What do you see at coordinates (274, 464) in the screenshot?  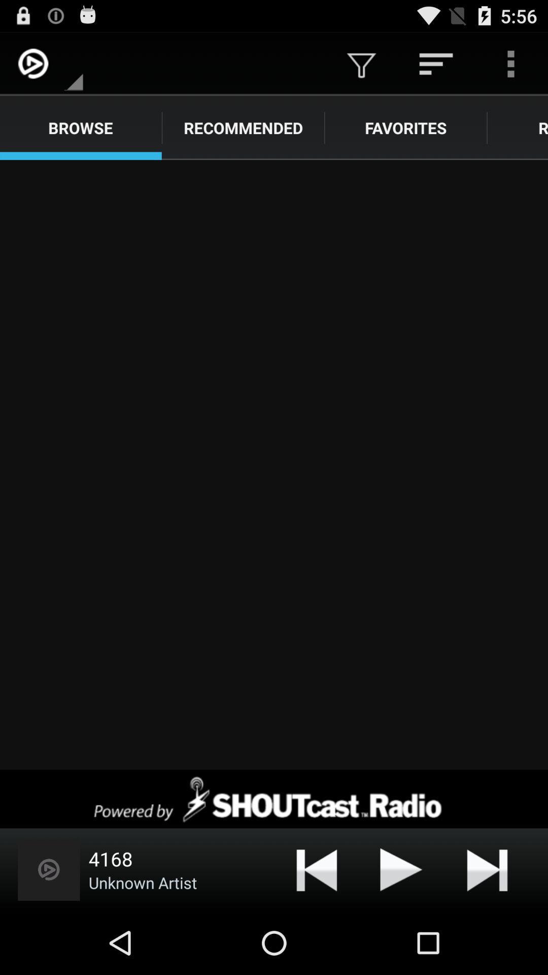 I see `the icon below the browse item` at bounding box center [274, 464].